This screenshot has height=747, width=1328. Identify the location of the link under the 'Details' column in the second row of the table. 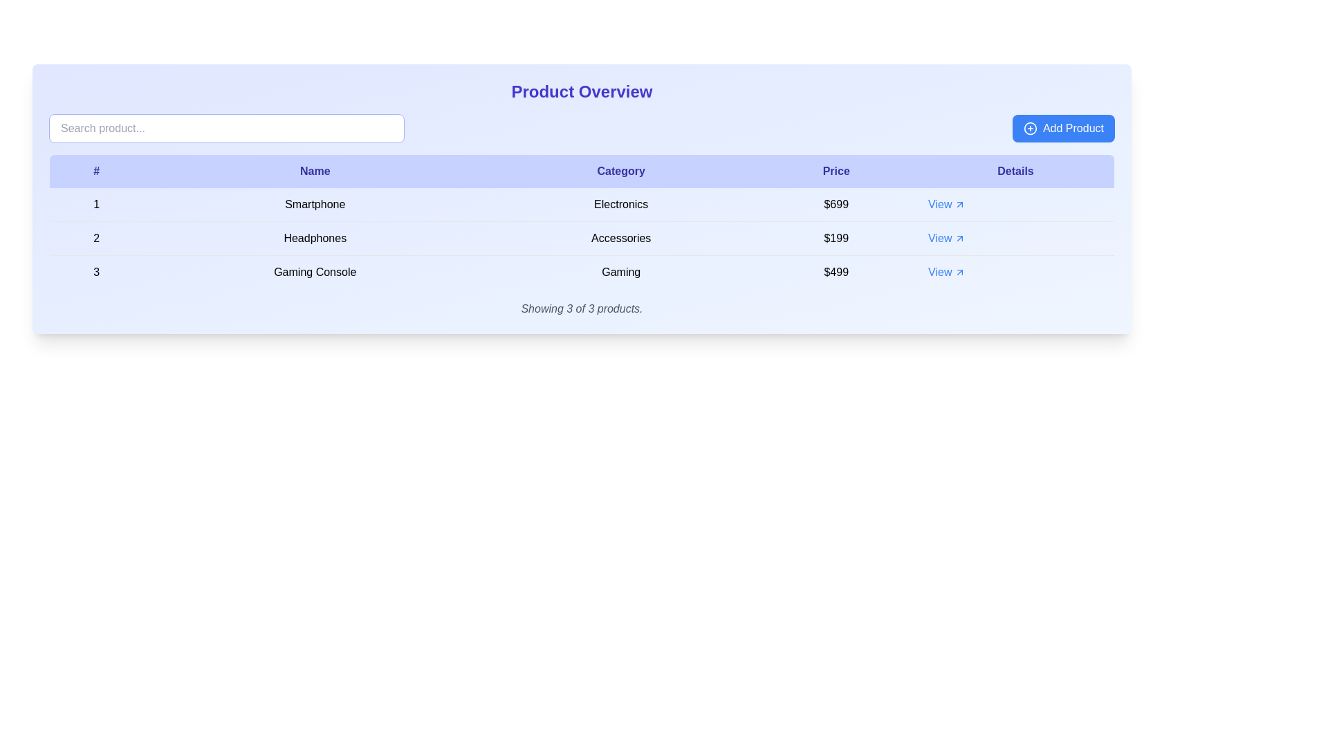
(1015, 237).